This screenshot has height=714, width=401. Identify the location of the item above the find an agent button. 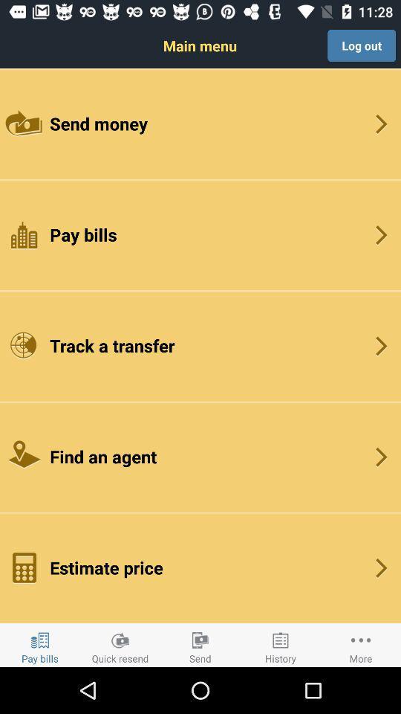
(200, 346).